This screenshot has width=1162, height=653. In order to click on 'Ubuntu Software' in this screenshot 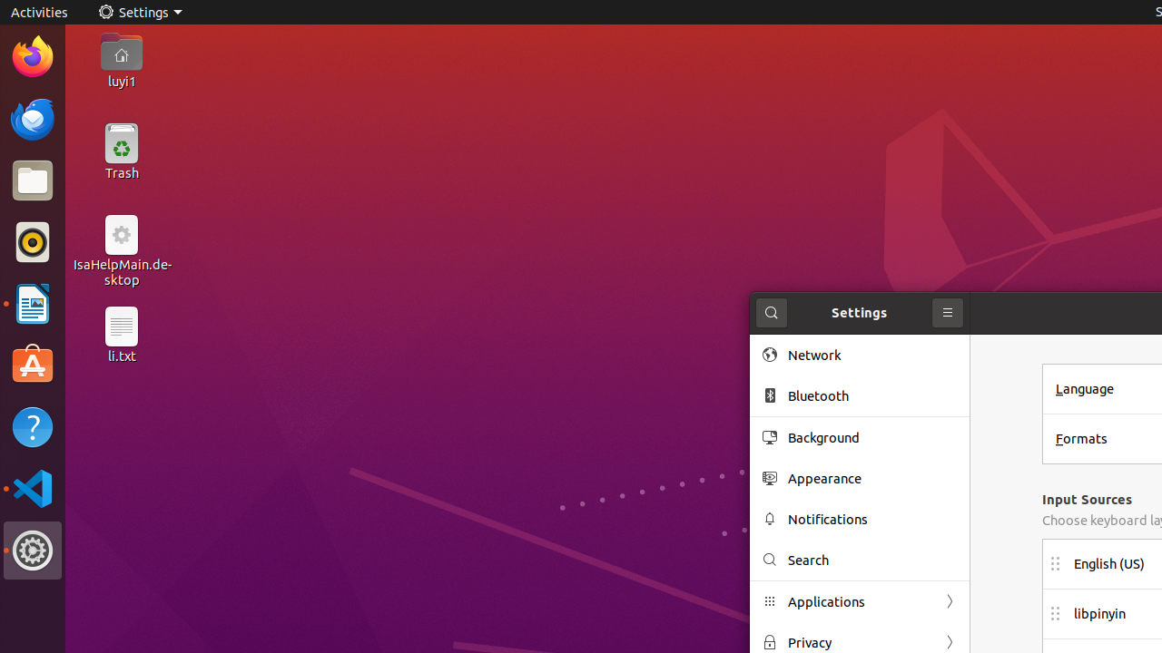, I will do `click(32, 365)`.